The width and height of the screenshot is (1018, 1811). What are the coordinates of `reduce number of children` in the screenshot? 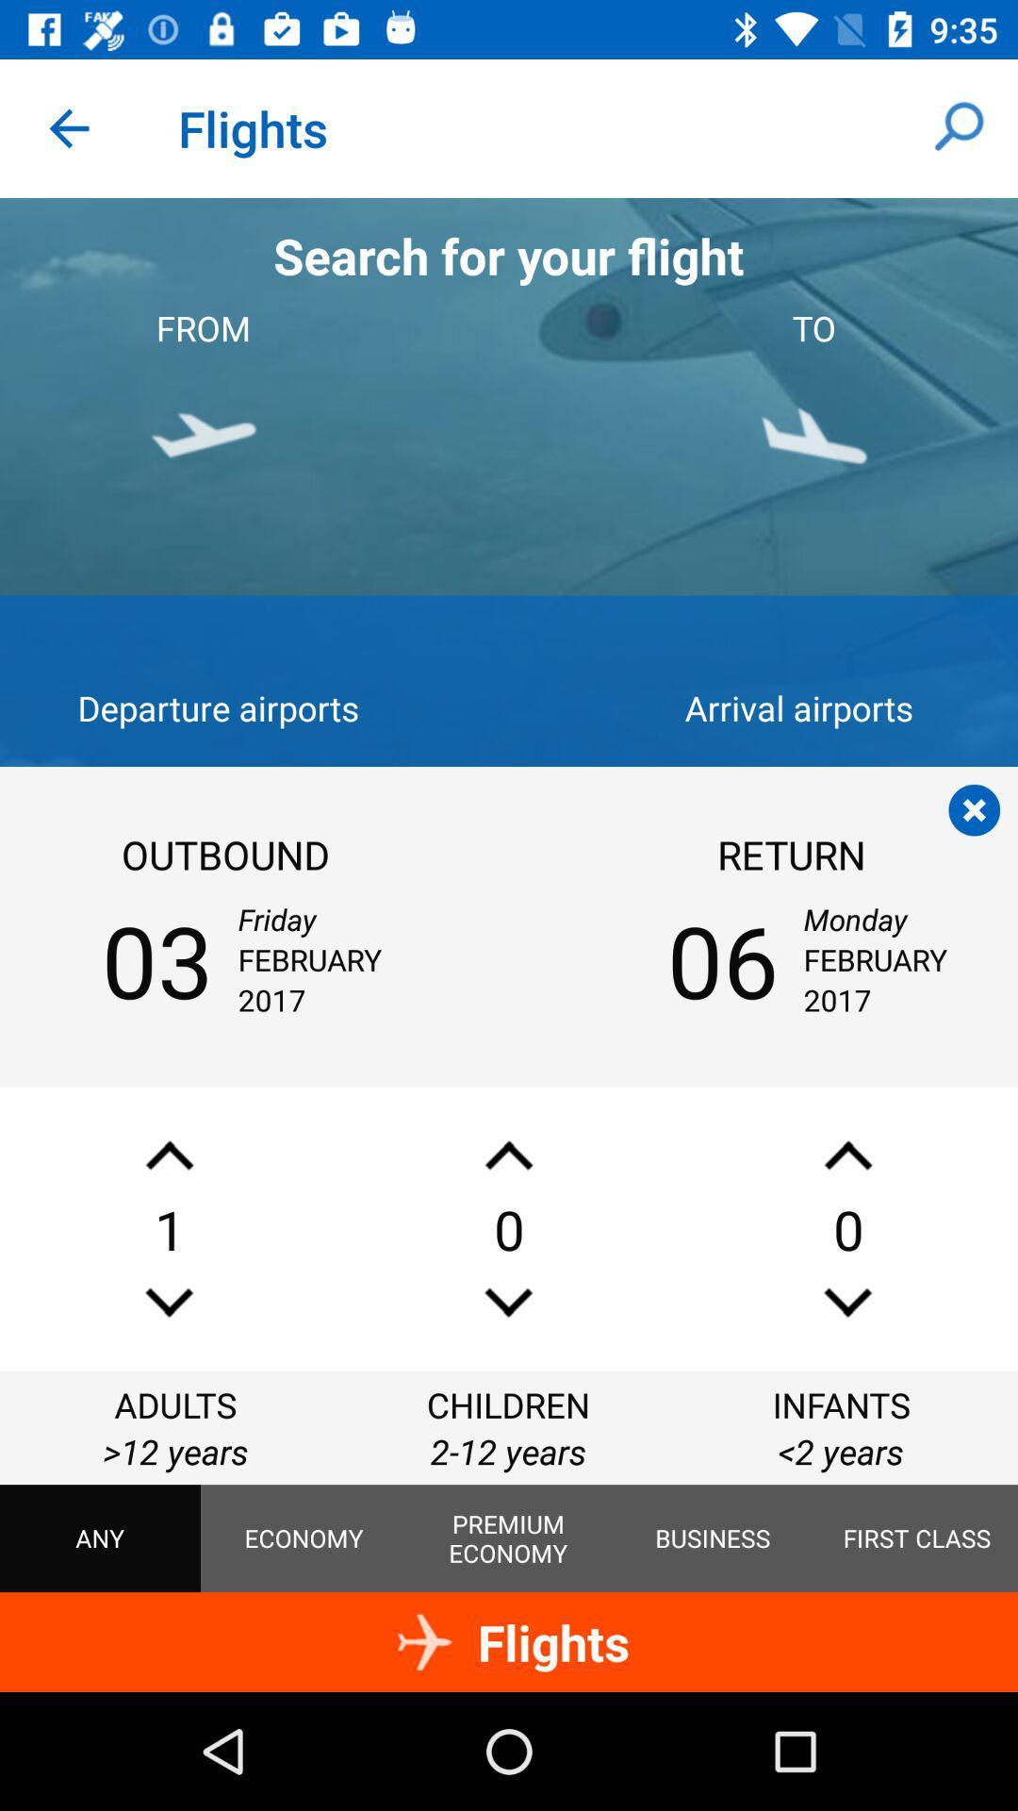 It's located at (509, 1302).